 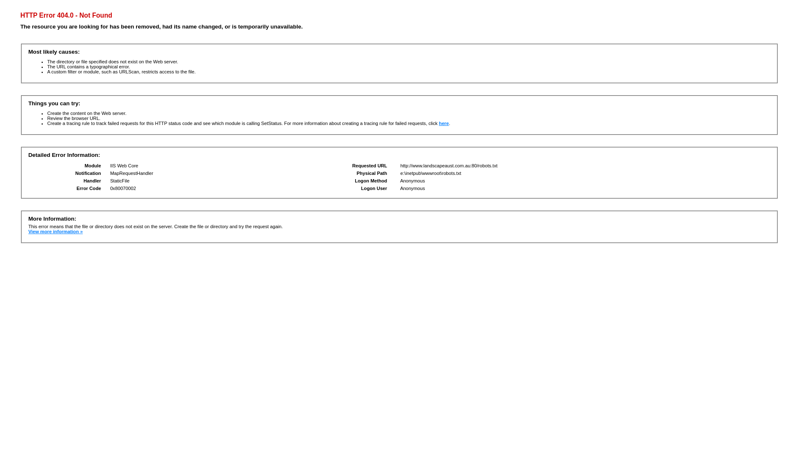 I want to click on 'here', so click(x=443, y=123).